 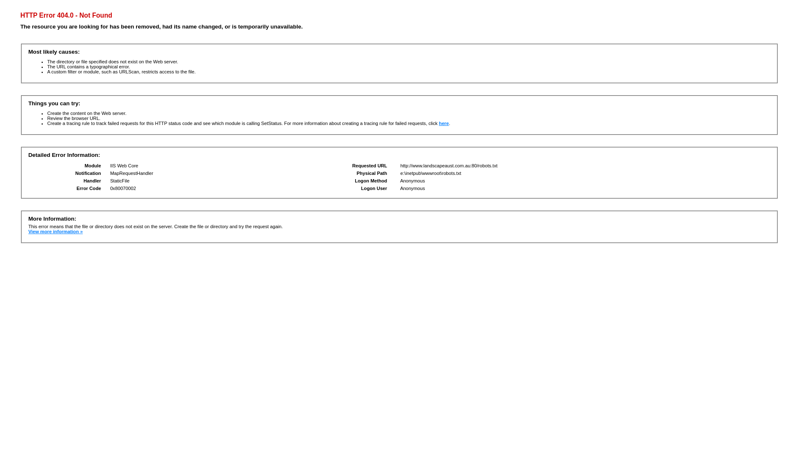 I want to click on 'here', so click(x=443, y=123).